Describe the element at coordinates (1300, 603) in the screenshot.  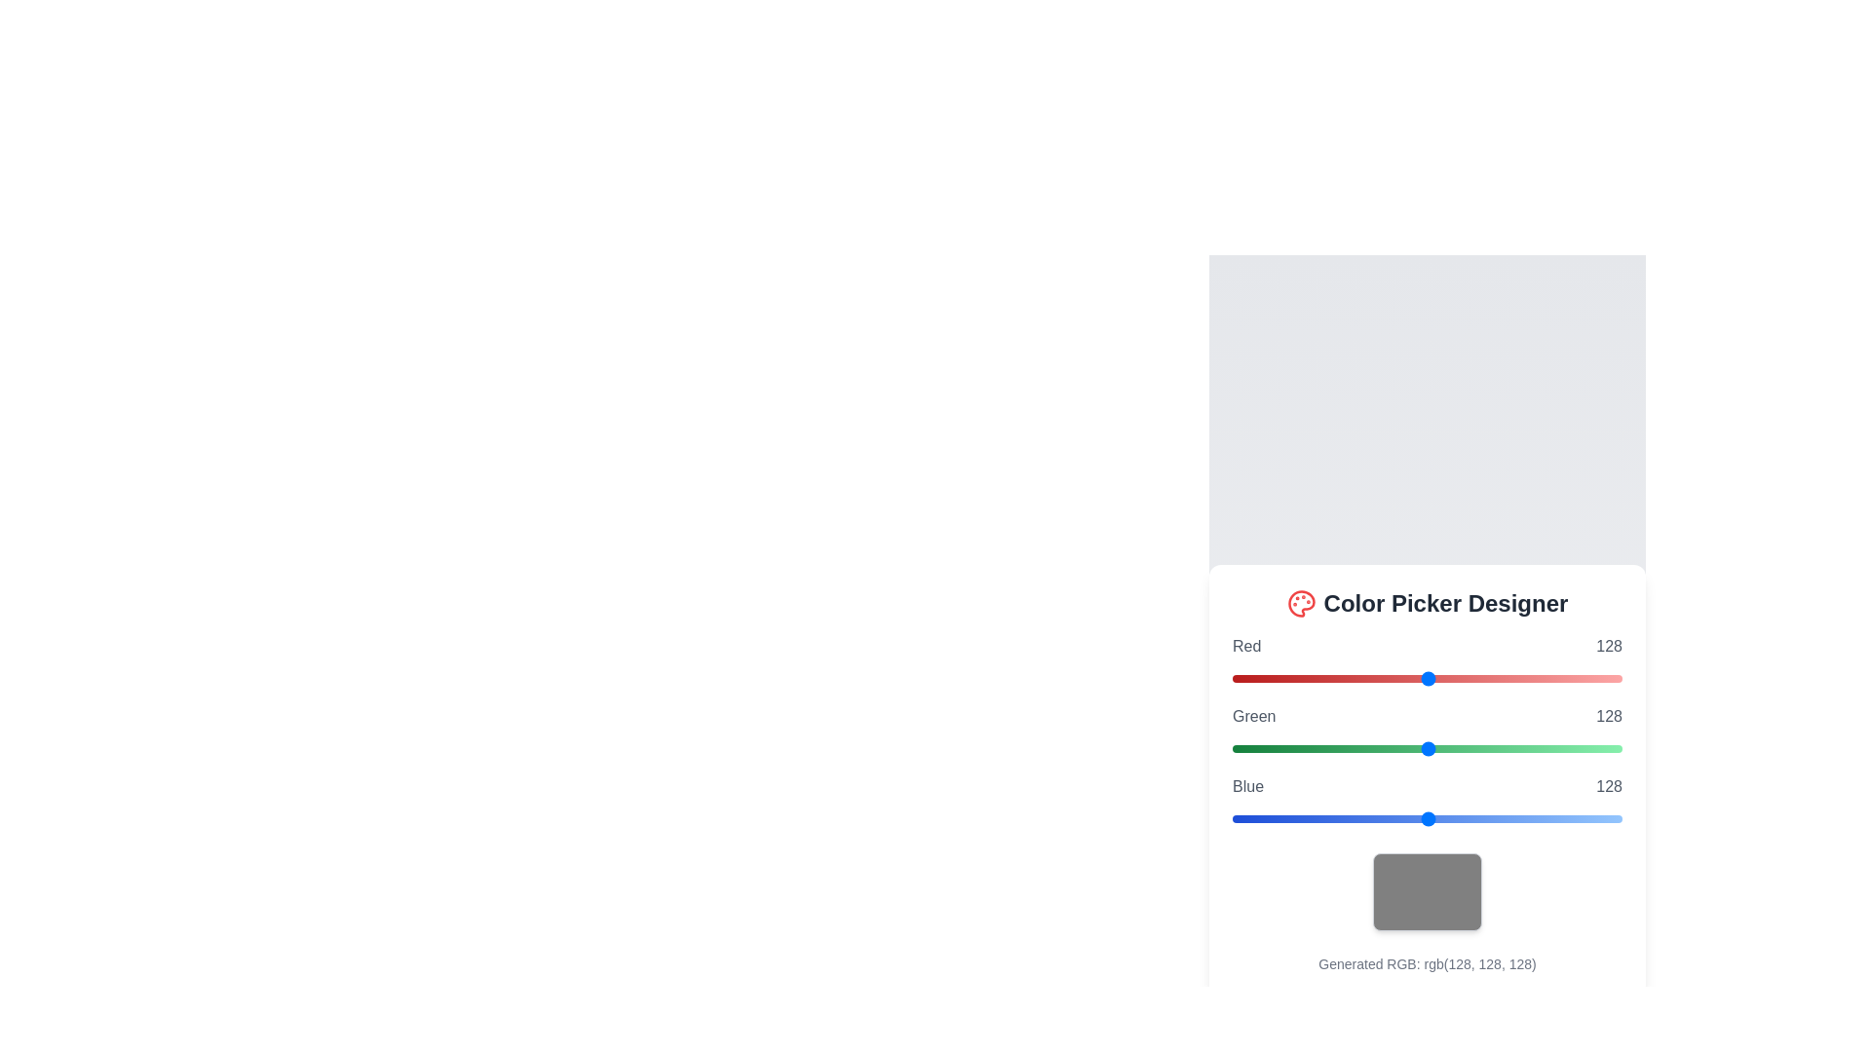
I see `the icon next to the title text` at that location.